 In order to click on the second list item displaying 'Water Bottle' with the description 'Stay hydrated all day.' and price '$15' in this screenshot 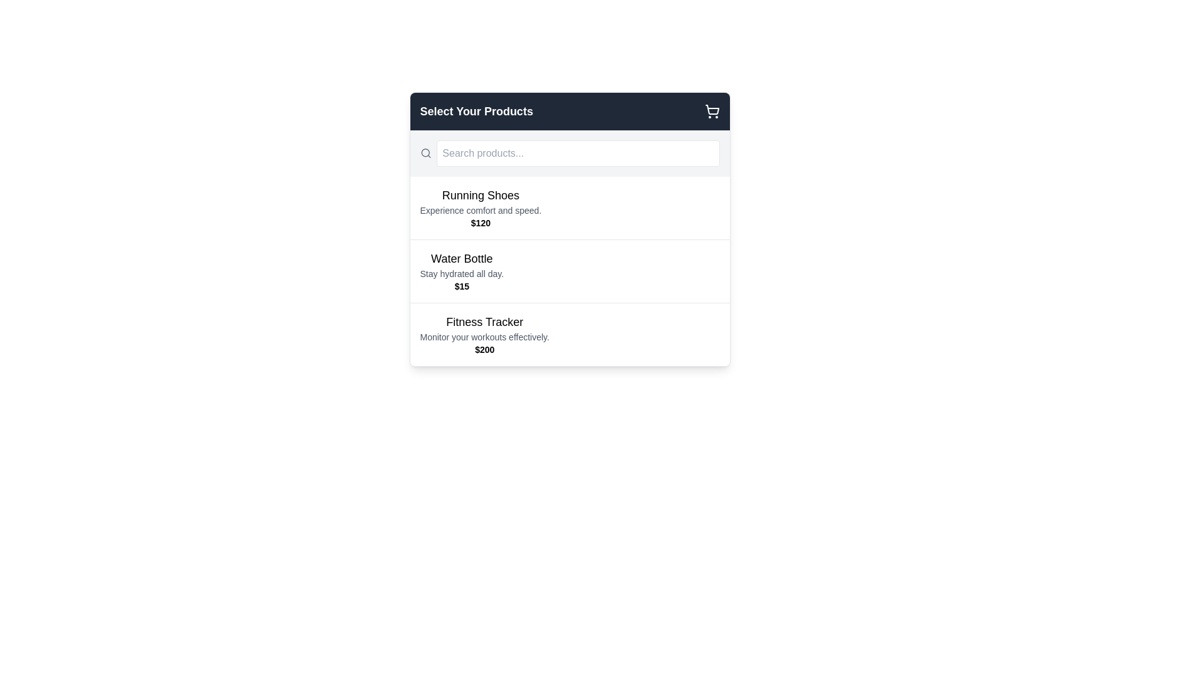, I will do `click(569, 248)`.